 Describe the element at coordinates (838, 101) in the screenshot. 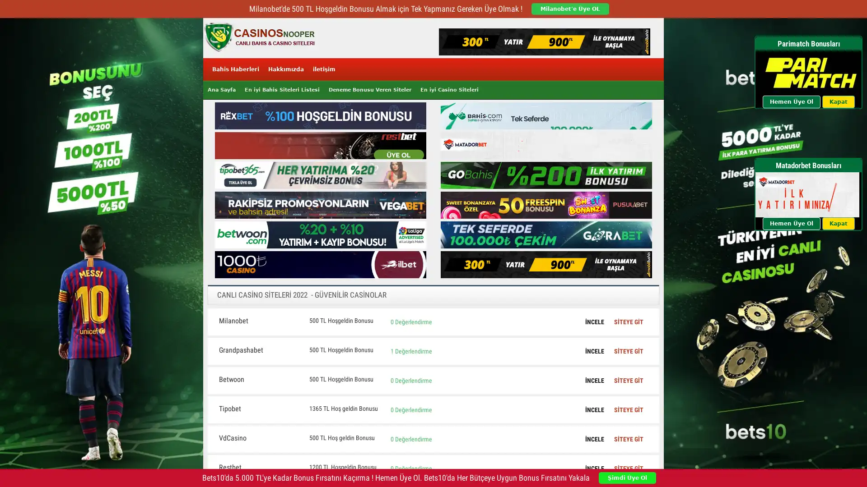

I see `Kapat` at that location.